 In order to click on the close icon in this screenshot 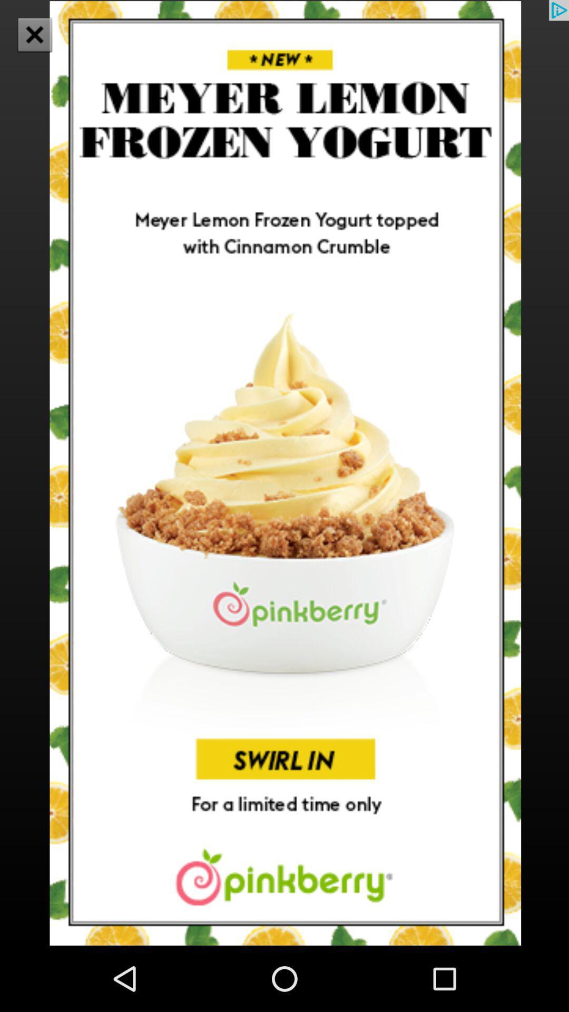, I will do `click(34, 37)`.